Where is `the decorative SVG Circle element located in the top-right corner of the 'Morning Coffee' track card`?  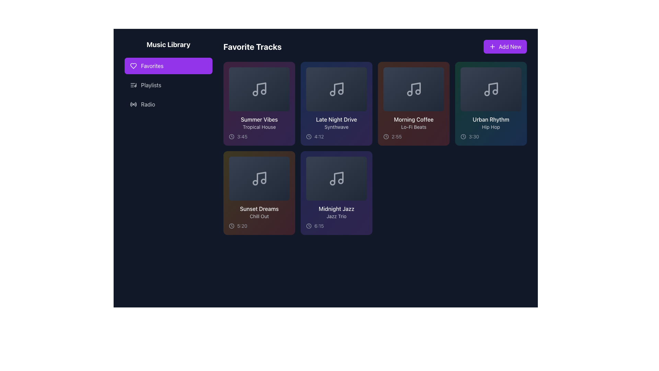
the decorative SVG Circle element located in the top-right corner of the 'Morning Coffee' track card is located at coordinates (440, 71).